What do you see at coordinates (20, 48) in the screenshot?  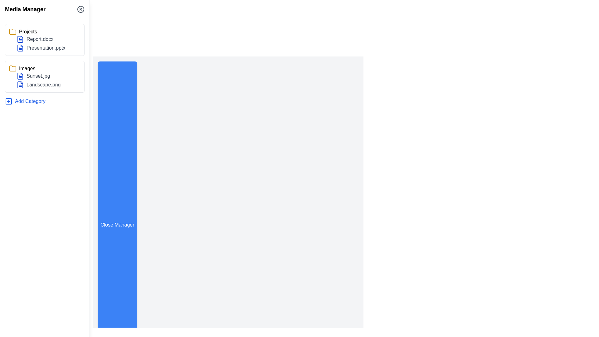 I see `the document icon represented by an SVG located in the upper-left quadrant of the left-side media manager to interact with the document it represents` at bounding box center [20, 48].